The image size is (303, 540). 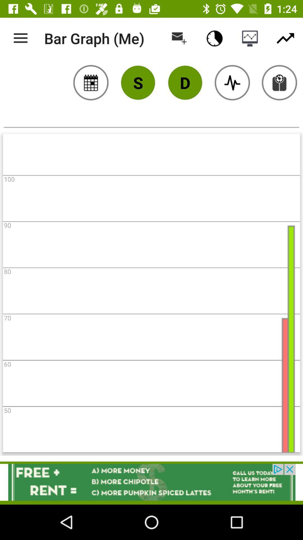 I want to click on open an advertisements, so click(x=151, y=482).